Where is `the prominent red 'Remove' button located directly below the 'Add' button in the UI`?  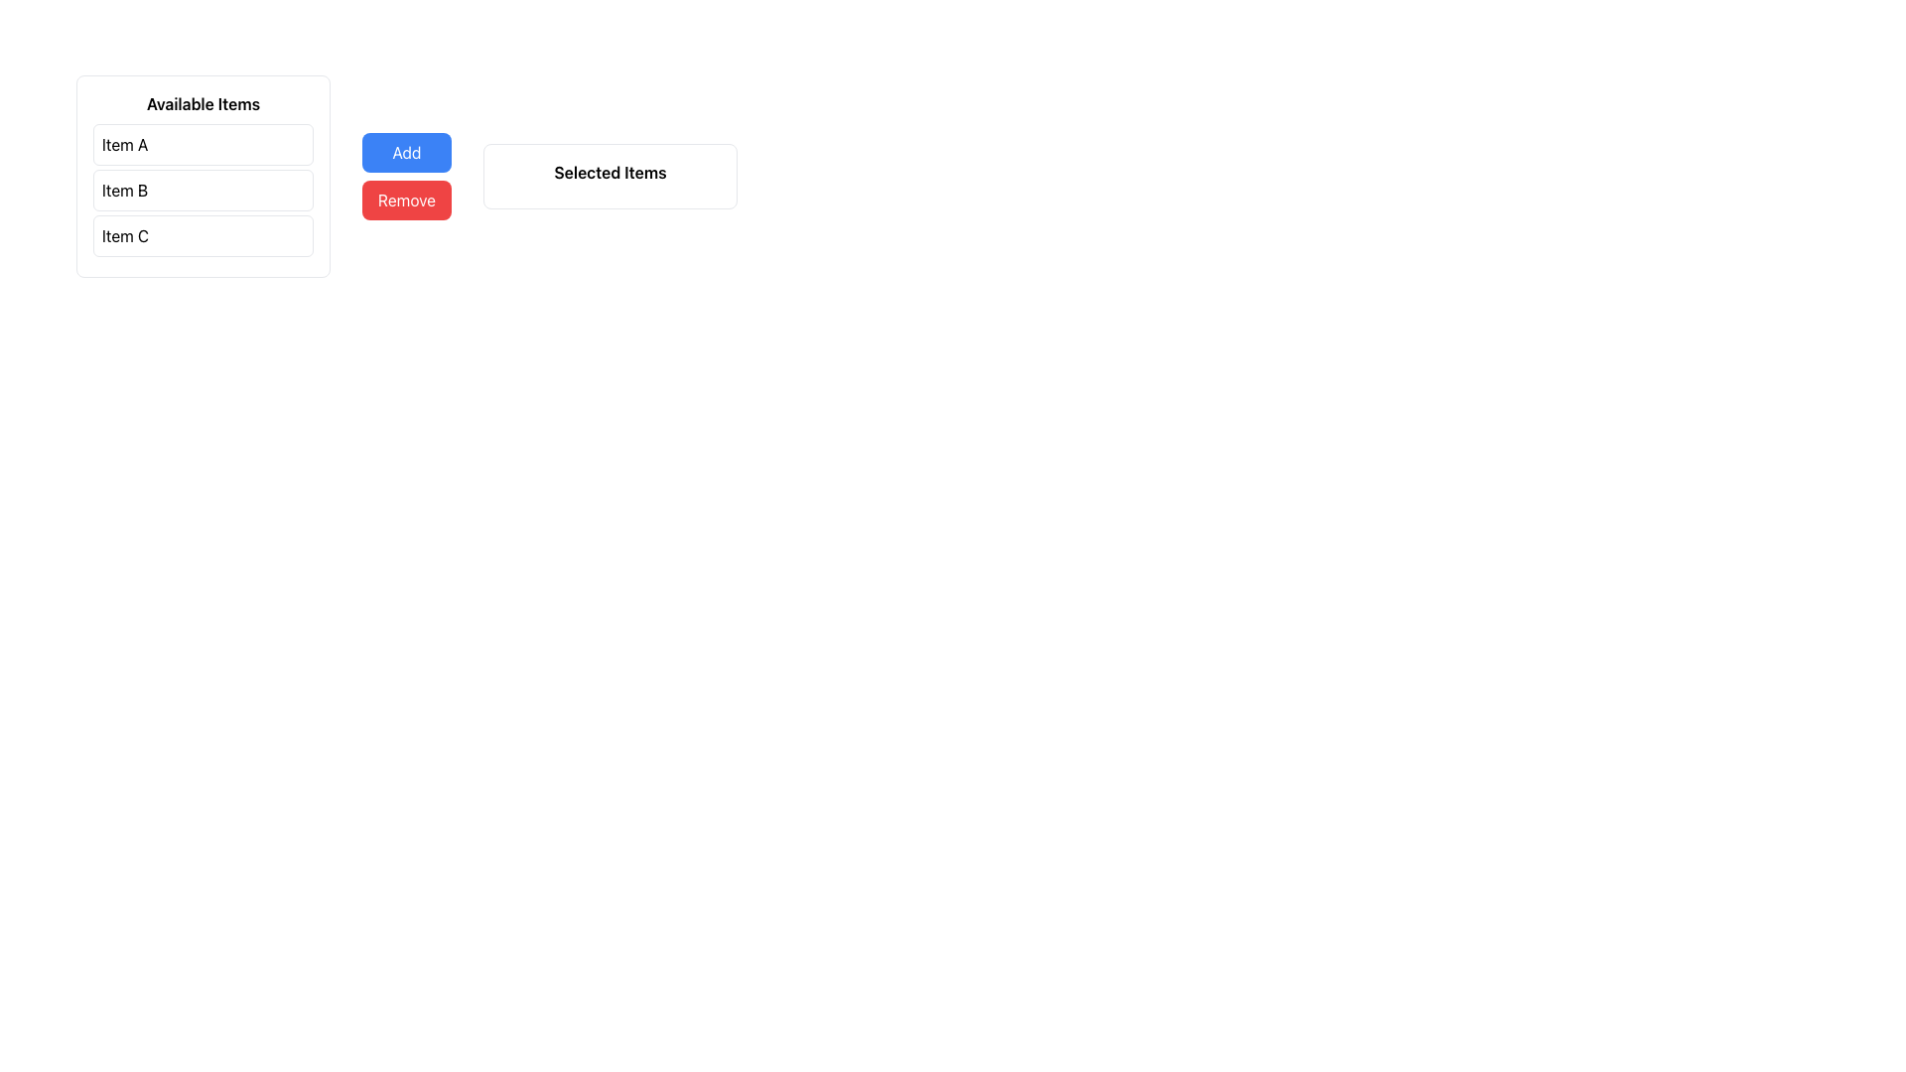 the prominent red 'Remove' button located directly below the 'Add' button in the UI is located at coordinates (406, 200).